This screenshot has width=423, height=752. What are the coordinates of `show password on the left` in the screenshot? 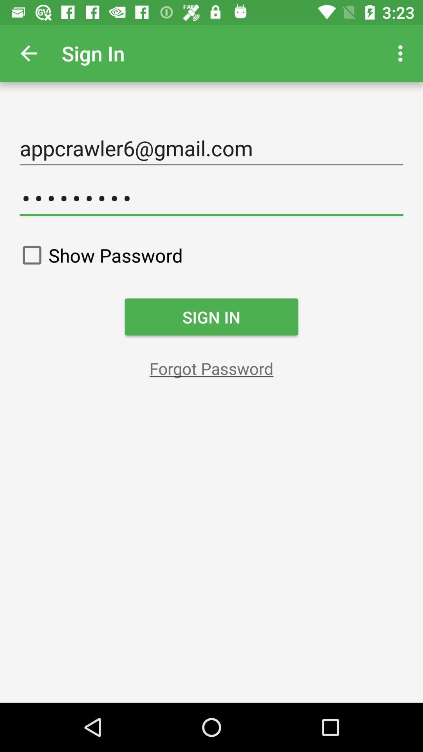 It's located at (99, 255).